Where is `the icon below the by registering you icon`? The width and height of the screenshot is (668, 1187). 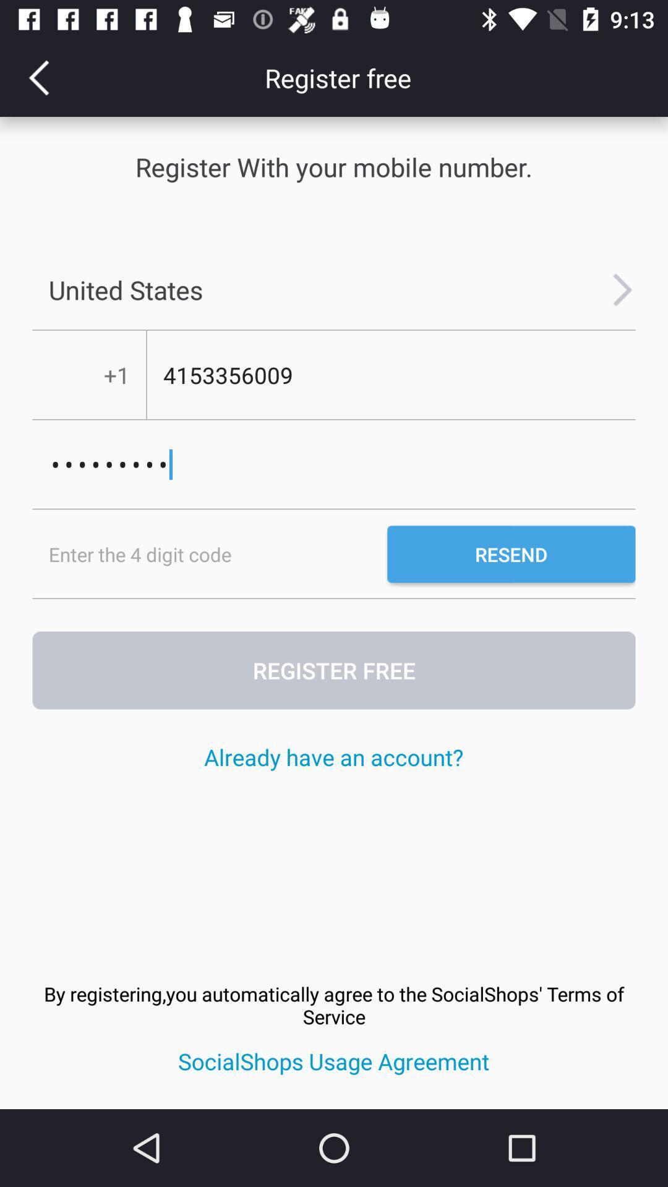 the icon below the by registering you icon is located at coordinates (333, 1060).